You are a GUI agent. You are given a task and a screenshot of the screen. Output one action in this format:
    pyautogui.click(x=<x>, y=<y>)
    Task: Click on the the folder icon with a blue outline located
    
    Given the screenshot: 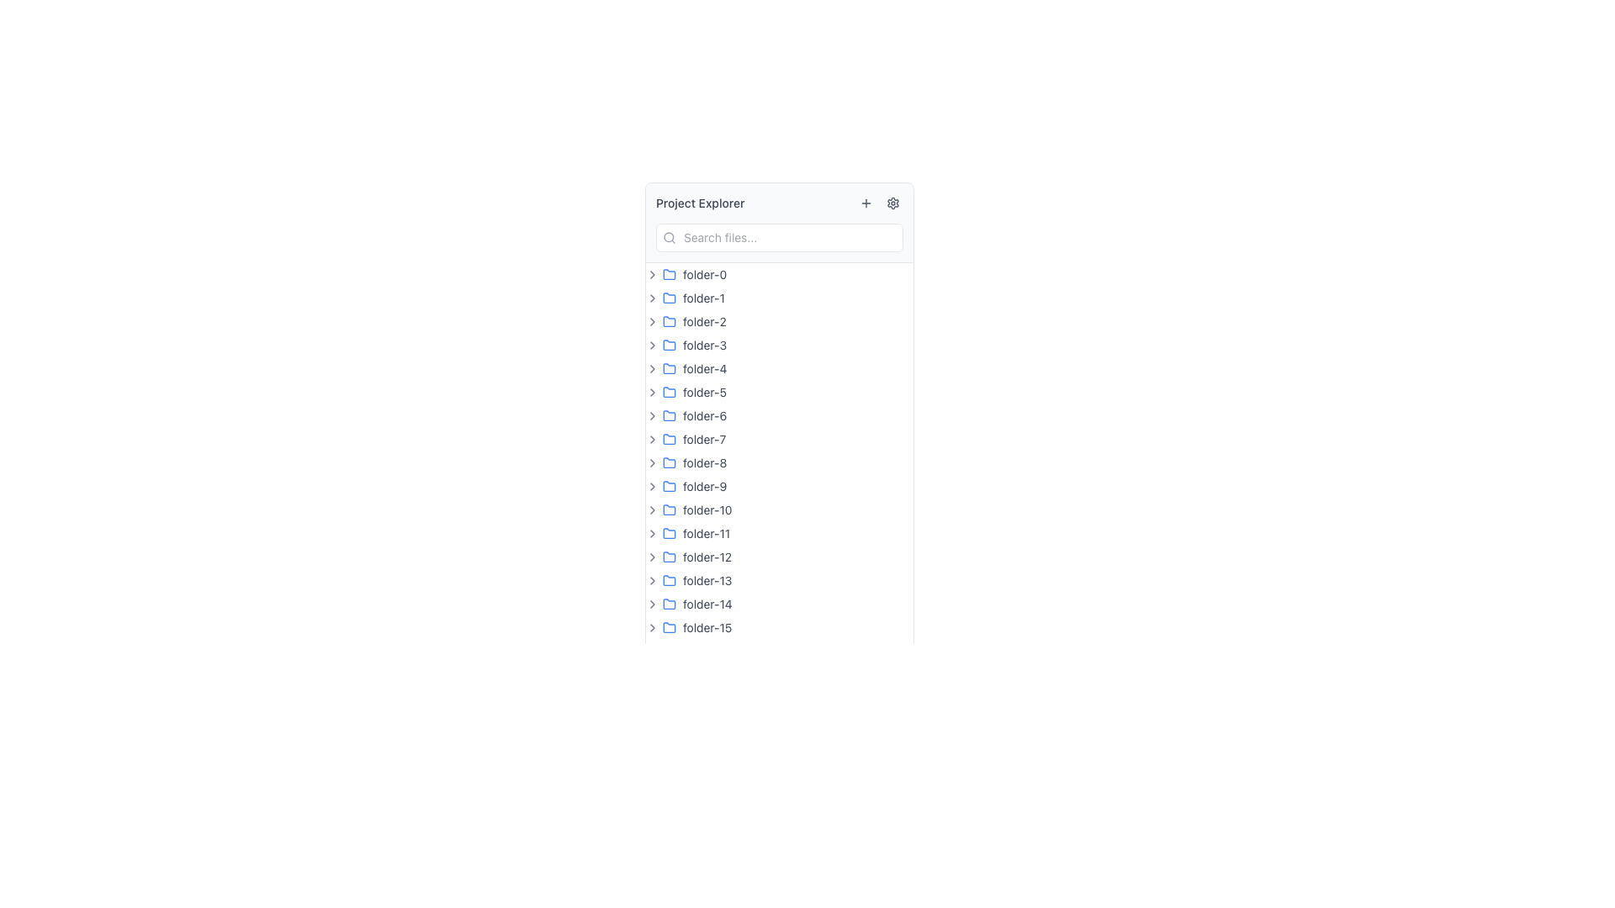 What is the action you would take?
    pyautogui.click(x=669, y=345)
    